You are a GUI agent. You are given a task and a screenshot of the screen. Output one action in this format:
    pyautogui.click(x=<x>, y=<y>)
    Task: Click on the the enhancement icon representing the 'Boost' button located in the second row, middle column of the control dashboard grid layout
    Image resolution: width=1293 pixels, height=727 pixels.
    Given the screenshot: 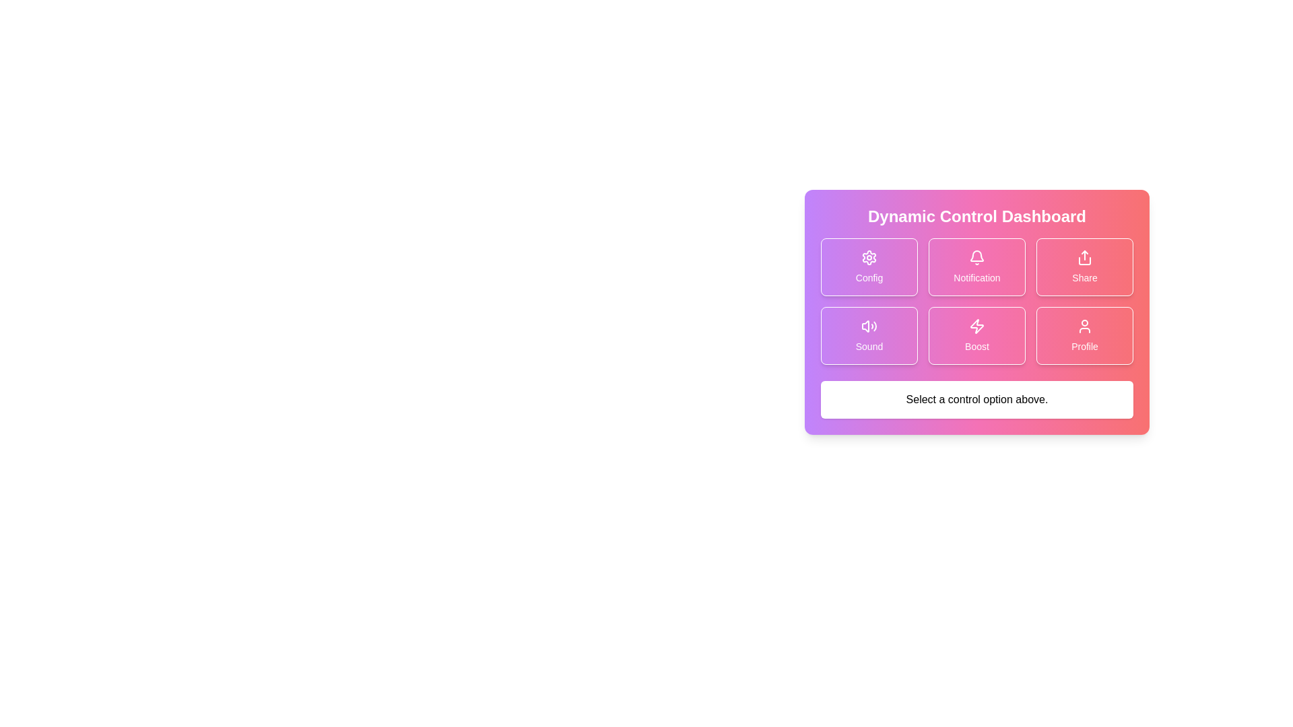 What is the action you would take?
    pyautogui.click(x=976, y=326)
    